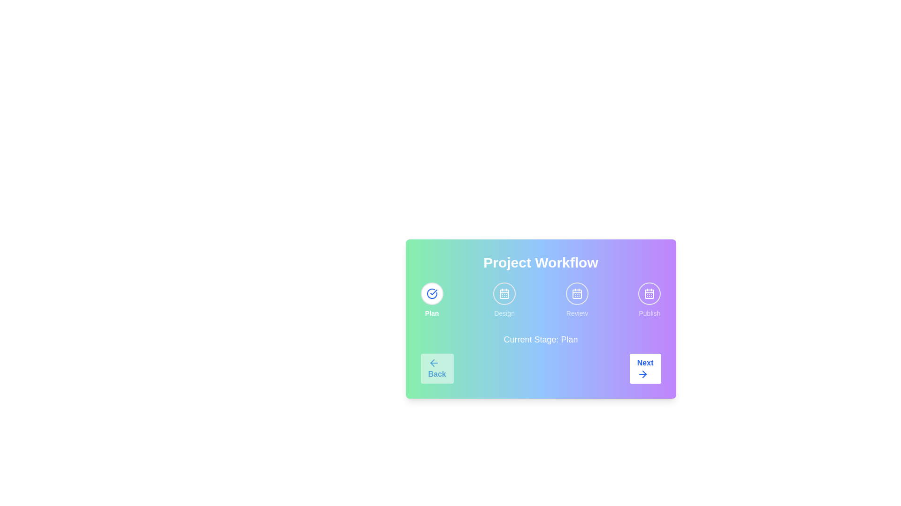 The width and height of the screenshot is (901, 506). I want to click on the stage indicator corresponding to Plan, so click(431, 293).